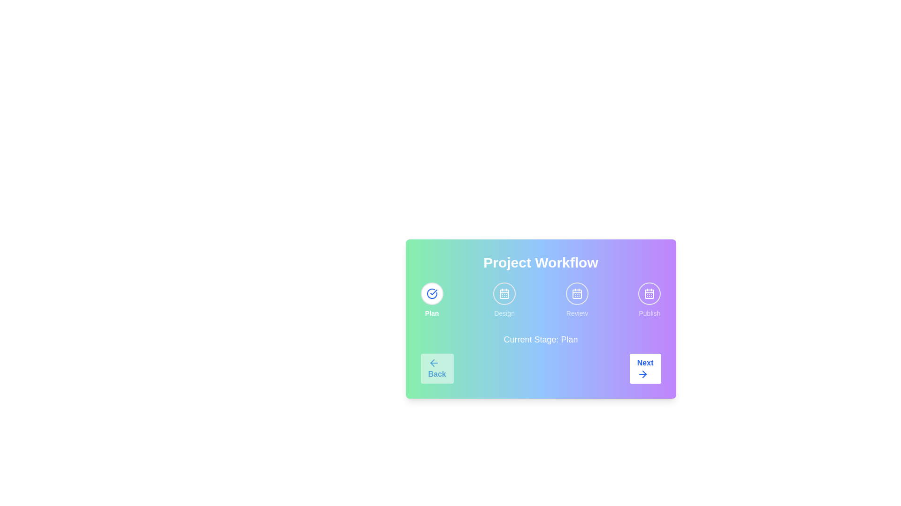 The width and height of the screenshot is (901, 506). I want to click on the stage indicator corresponding to Plan, so click(431, 293).